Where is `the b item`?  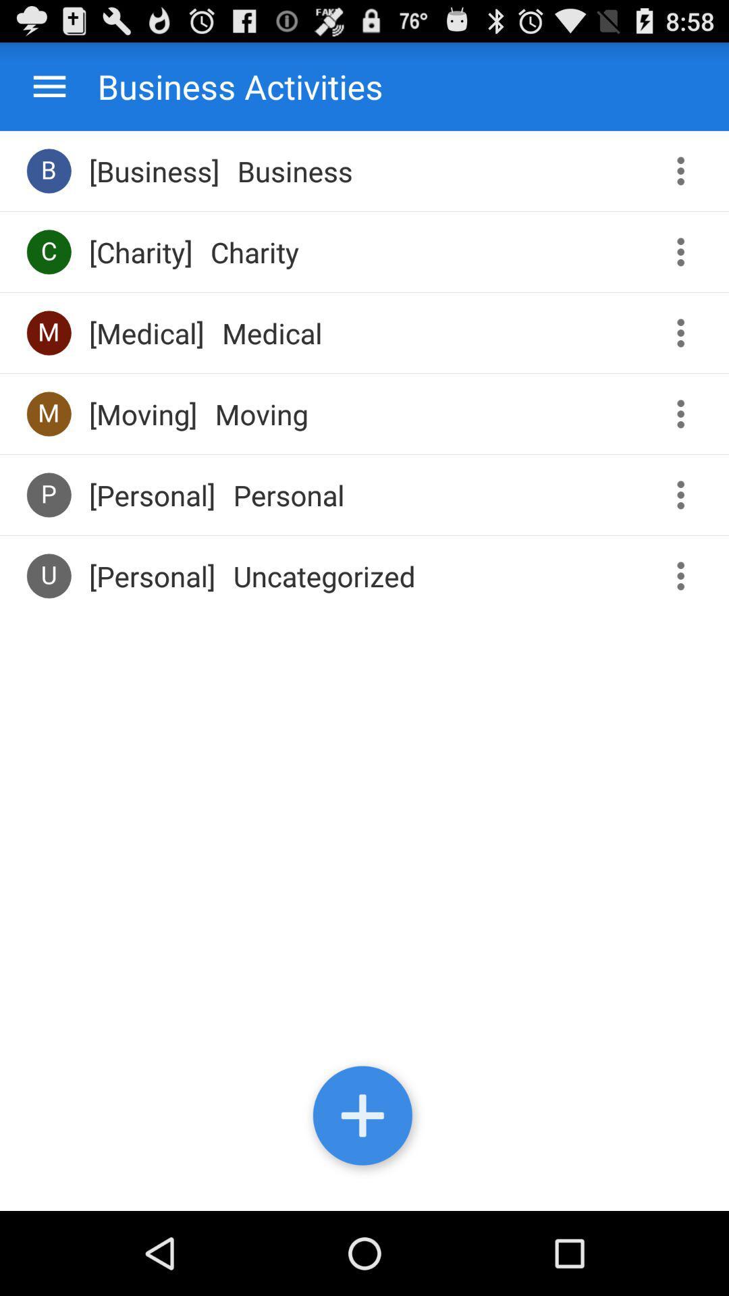 the b item is located at coordinates (48, 170).